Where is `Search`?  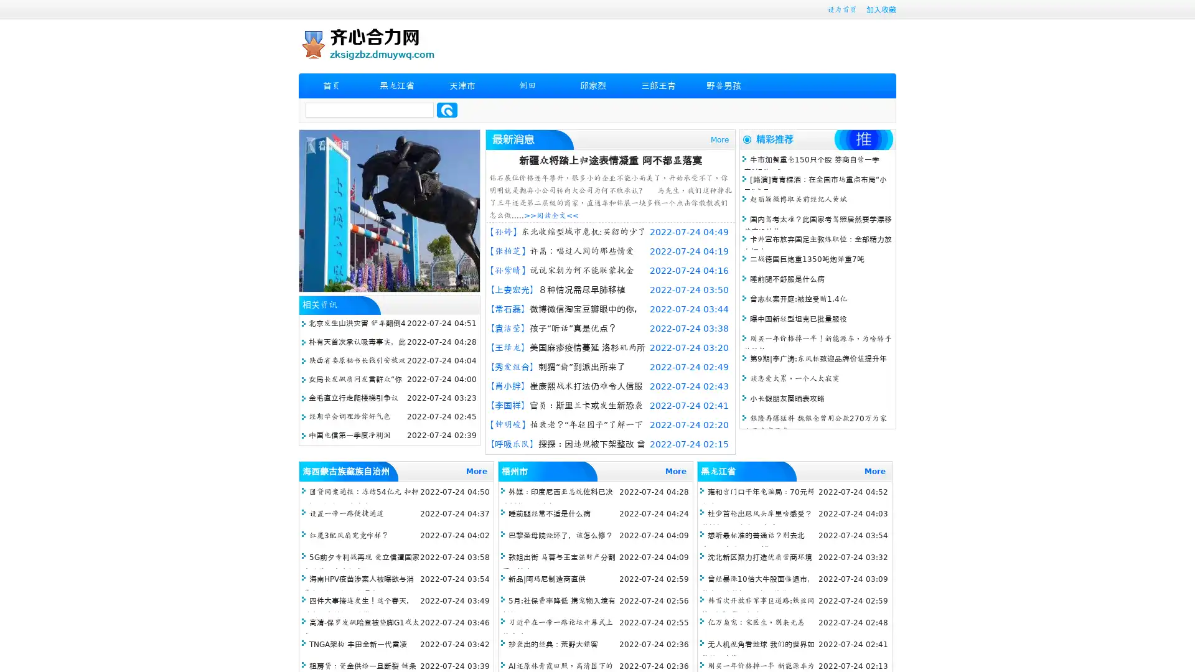 Search is located at coordinates (447, 110).